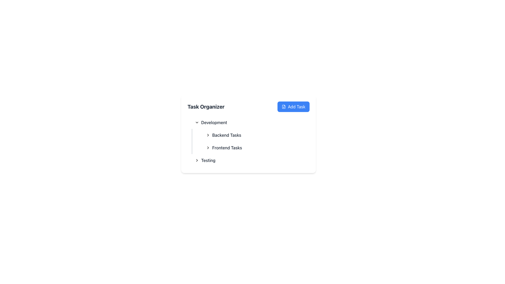 This screenshot has height=284, width=505. What do you see at coordinates (250, 160) in the screenshot?
I see `the last list item under the 'Development' category in the 'Task Organizer' section to provide additional visual feedback` at bounding box center [250, 160].